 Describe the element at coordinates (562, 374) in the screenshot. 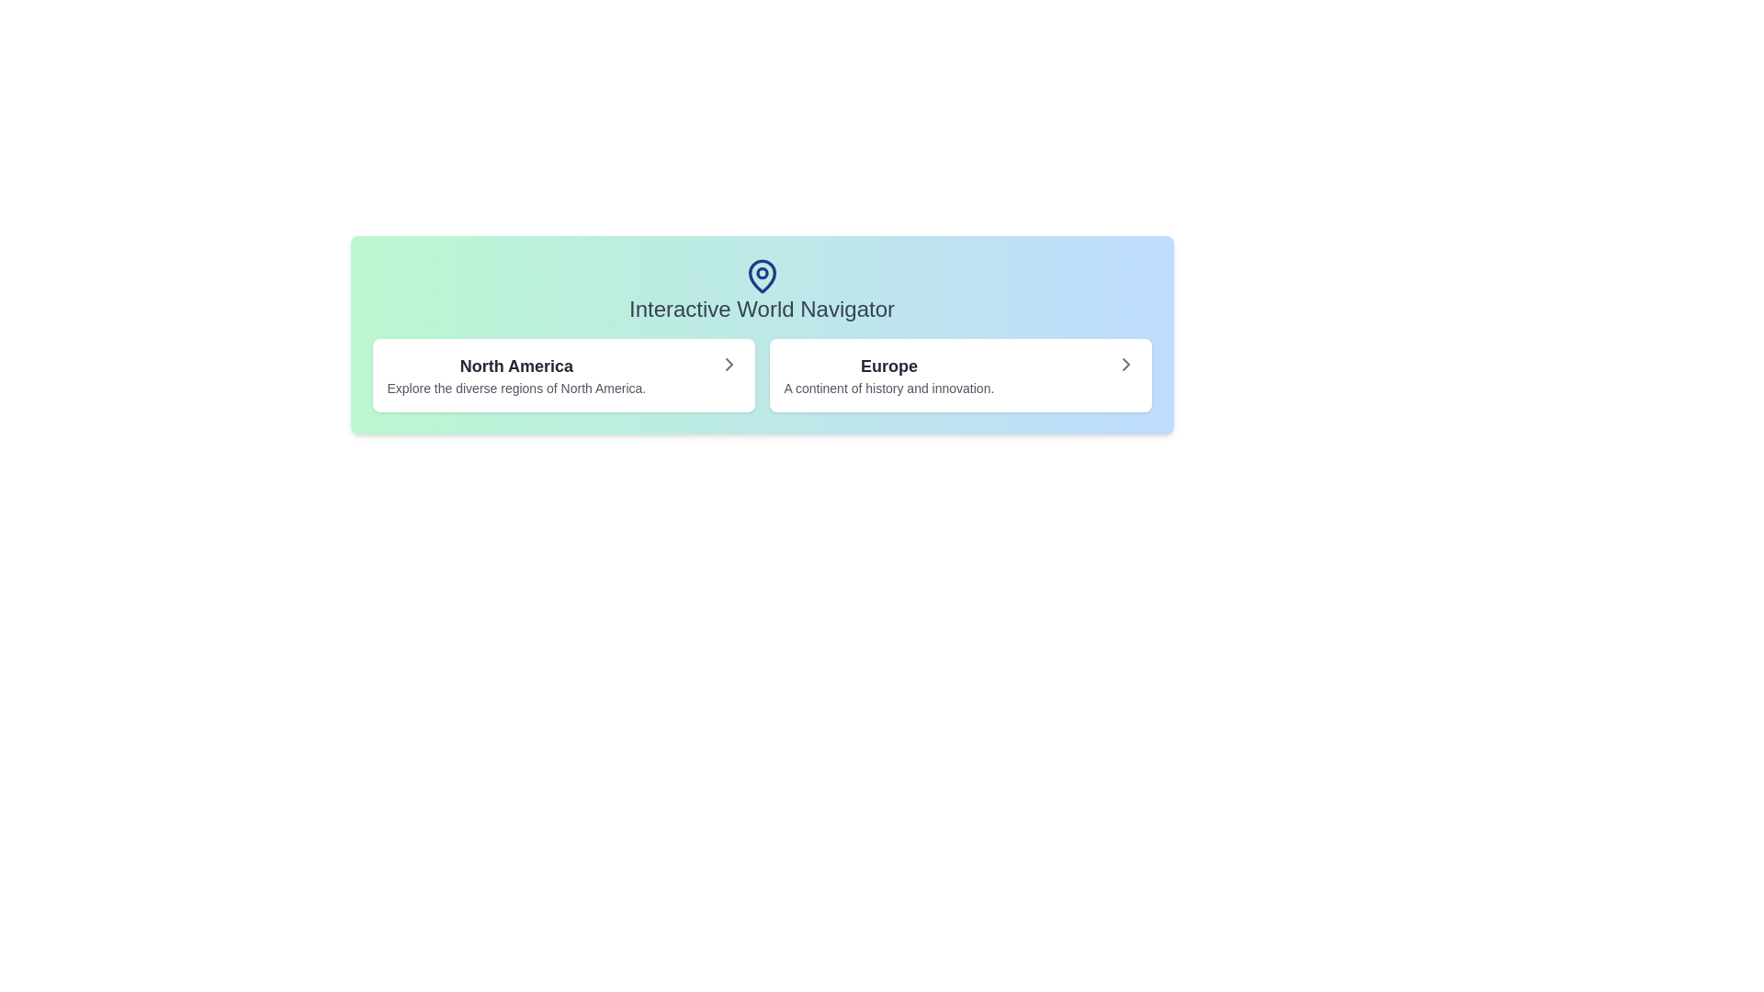

I see `the first card in the grid under the header 'Interactive World Navigator'` at that location.